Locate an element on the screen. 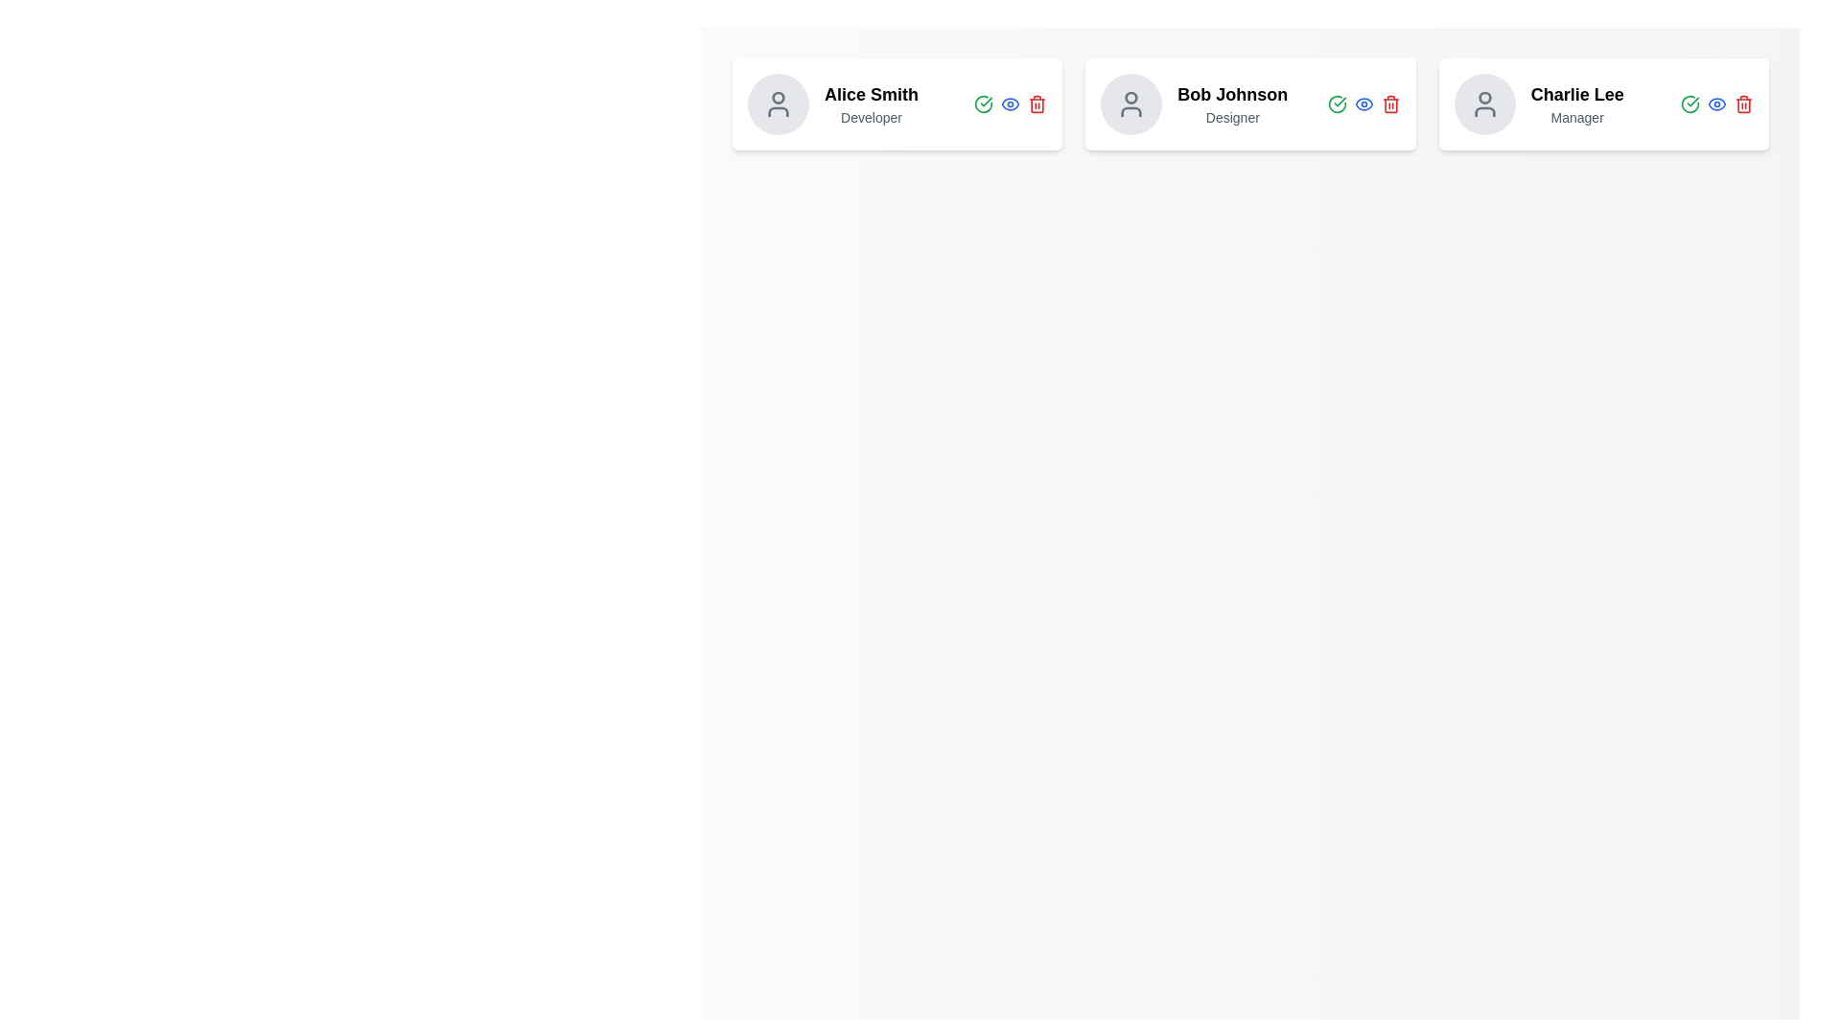  the text label displaying 'Developer', which is styled in gray and light font, located directly beneath 'Alice Smith' in the first card of a row of three cards is located at coordinates (870, 118).